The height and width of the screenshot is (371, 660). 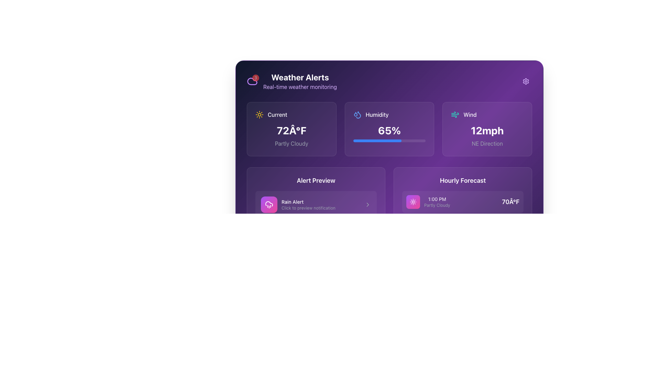 What do you see at coordinates (268, 204) in the screenshot?
I see `the cloud with rain icon, which is styled with a white outline on a pink and purple gradient circular background, located in the 'Alert Preview' section below the 'Current' weather panel` at bounding box center [268, 204].